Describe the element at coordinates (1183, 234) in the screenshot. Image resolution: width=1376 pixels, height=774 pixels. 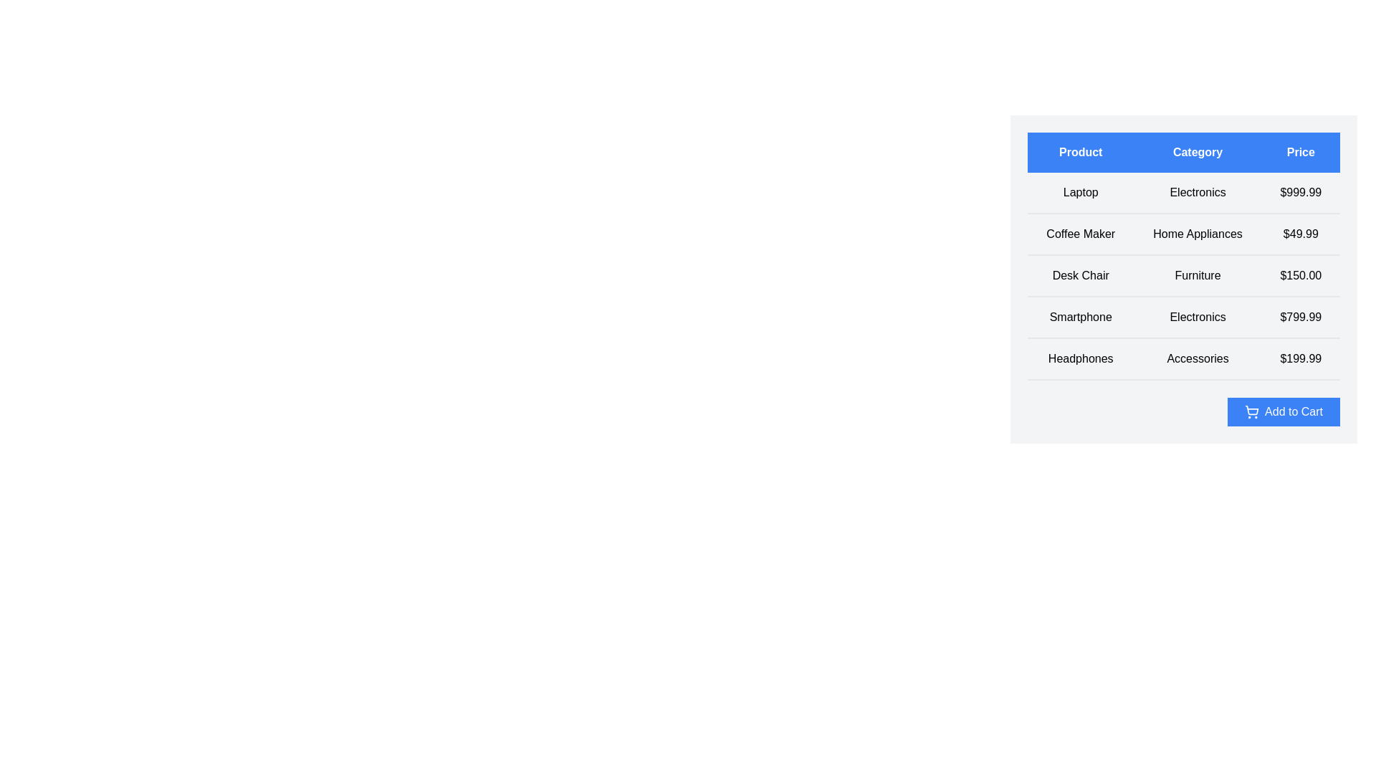
I see `the text in the tabular row containing 'Coffee Maker' under Product, 'Home Appliances' under Category, and '$49.99' under Price, which is the second row in the table` at that location.